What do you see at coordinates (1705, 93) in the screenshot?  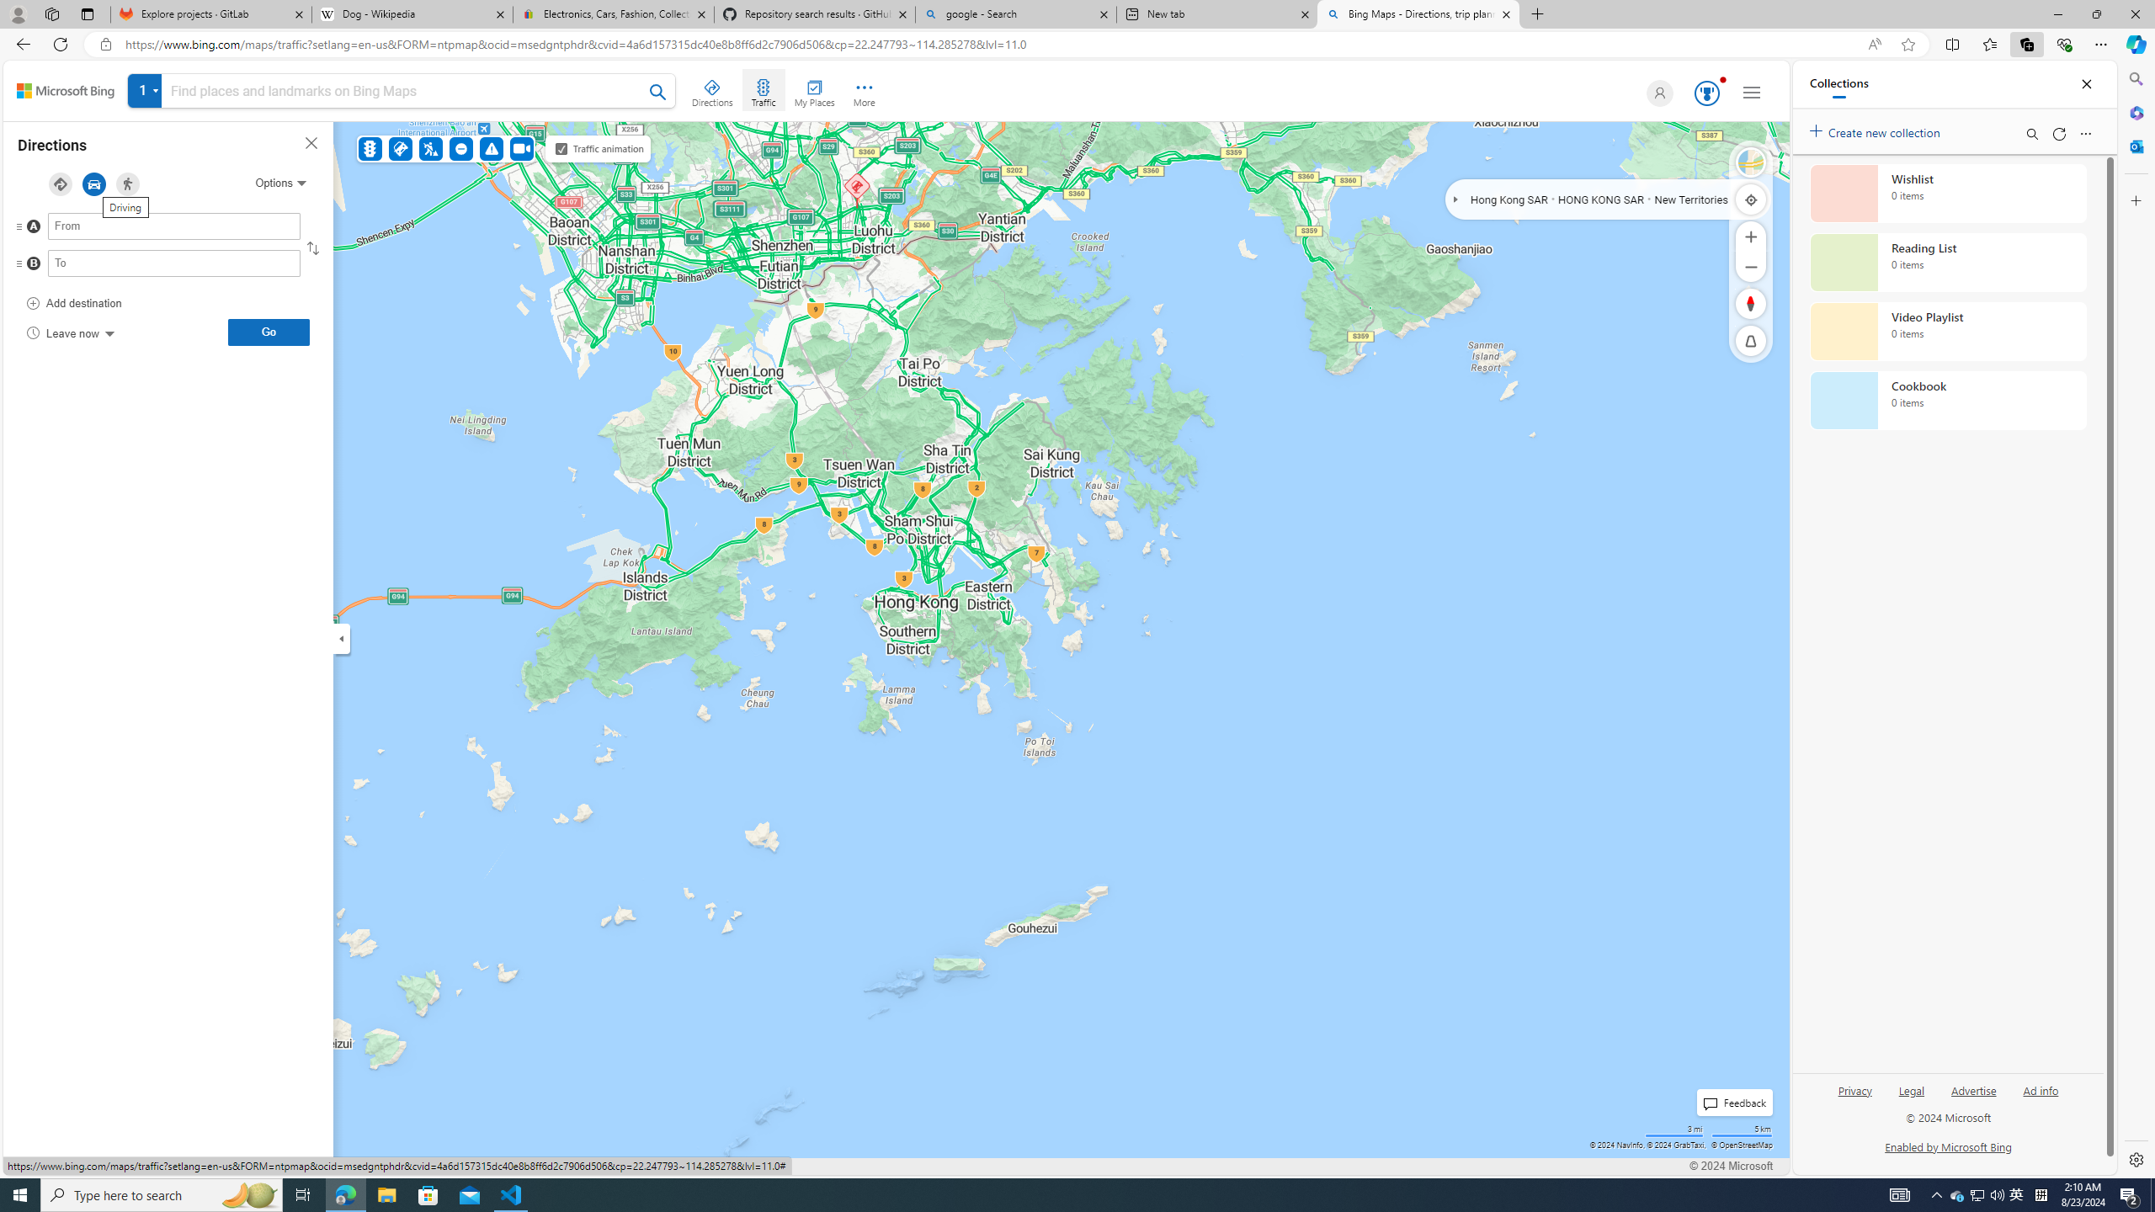 I see `'AutomationID: serp_medal_svg'` at bounding box center [1705, 93].